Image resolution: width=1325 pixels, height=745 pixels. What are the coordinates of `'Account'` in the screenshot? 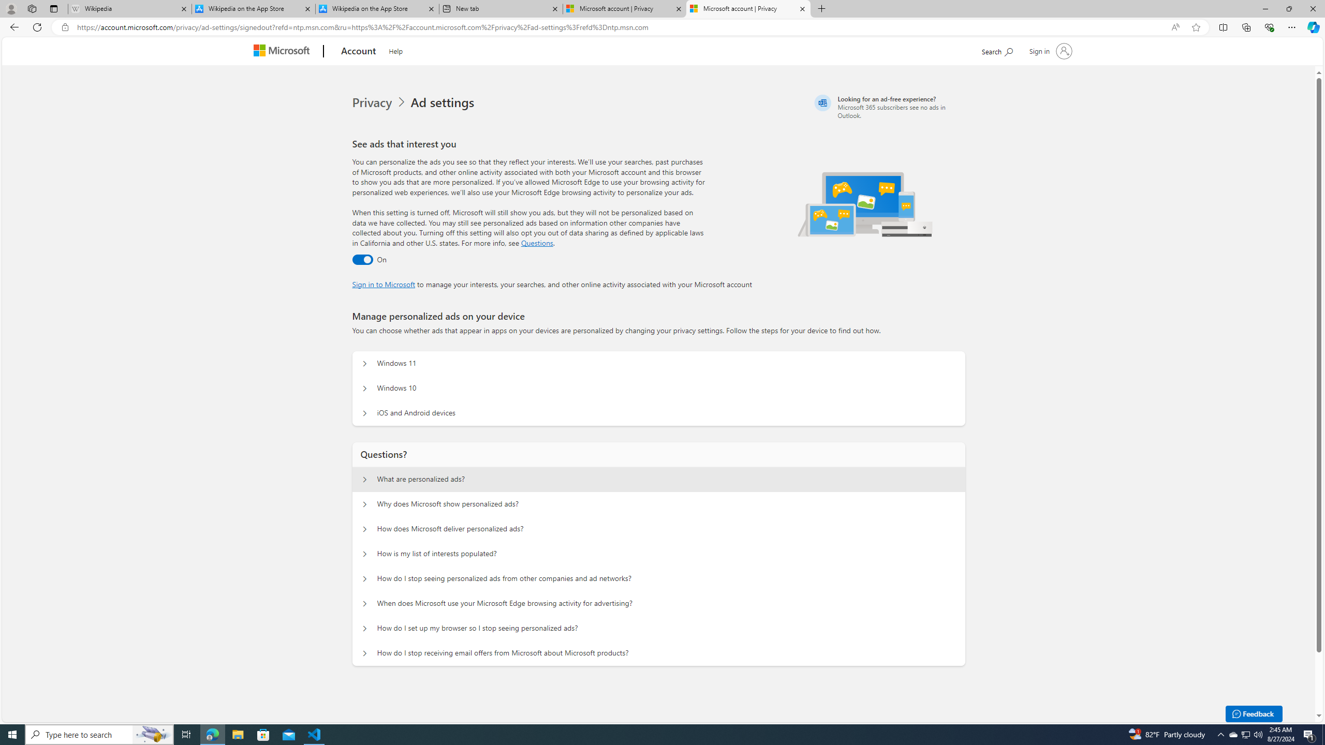 It's located at (358, 51).